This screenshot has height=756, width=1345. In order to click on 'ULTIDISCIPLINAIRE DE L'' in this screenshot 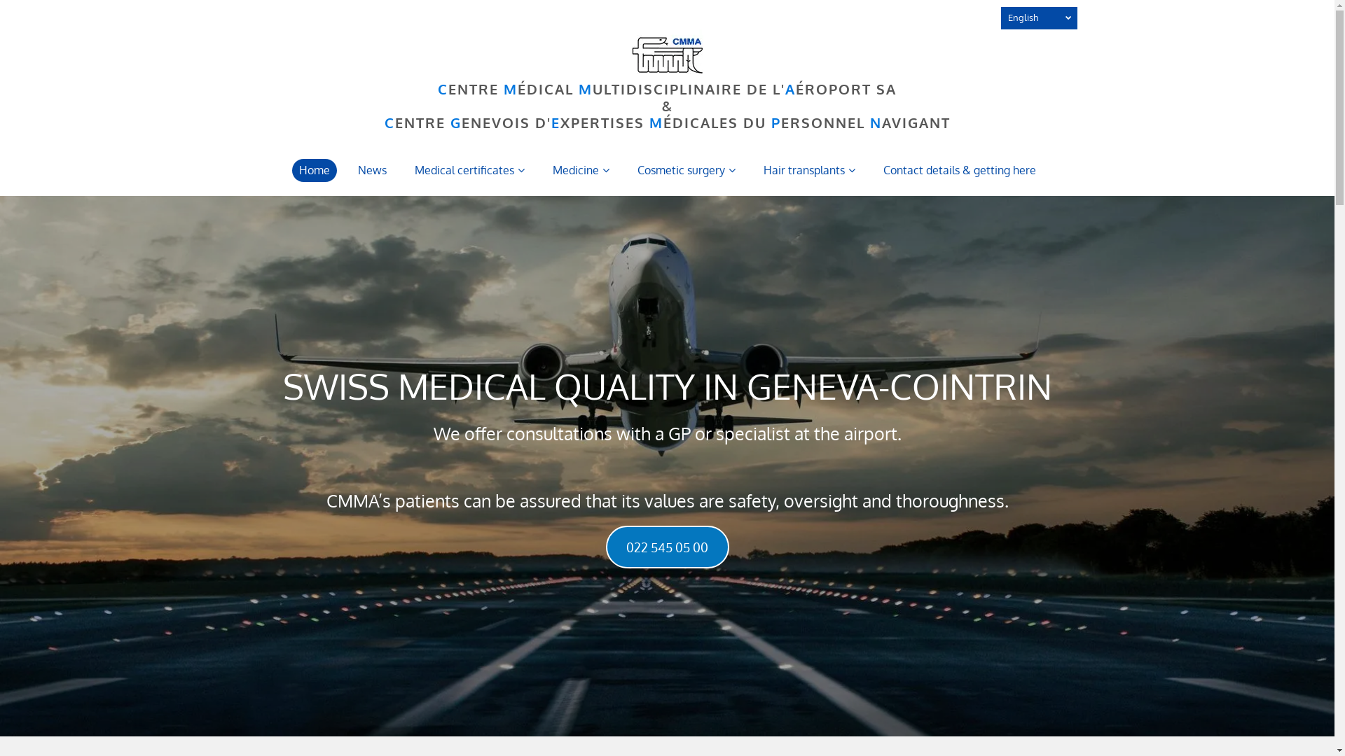, I will do `click(592, 89)`.